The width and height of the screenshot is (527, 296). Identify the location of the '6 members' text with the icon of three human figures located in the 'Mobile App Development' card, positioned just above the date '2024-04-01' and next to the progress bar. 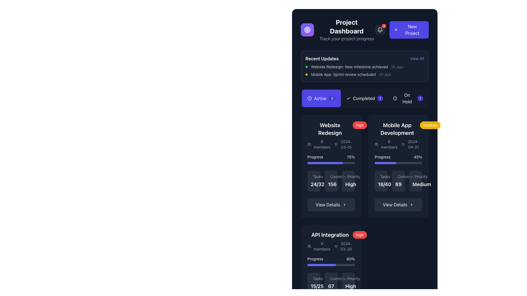
(386, 144).